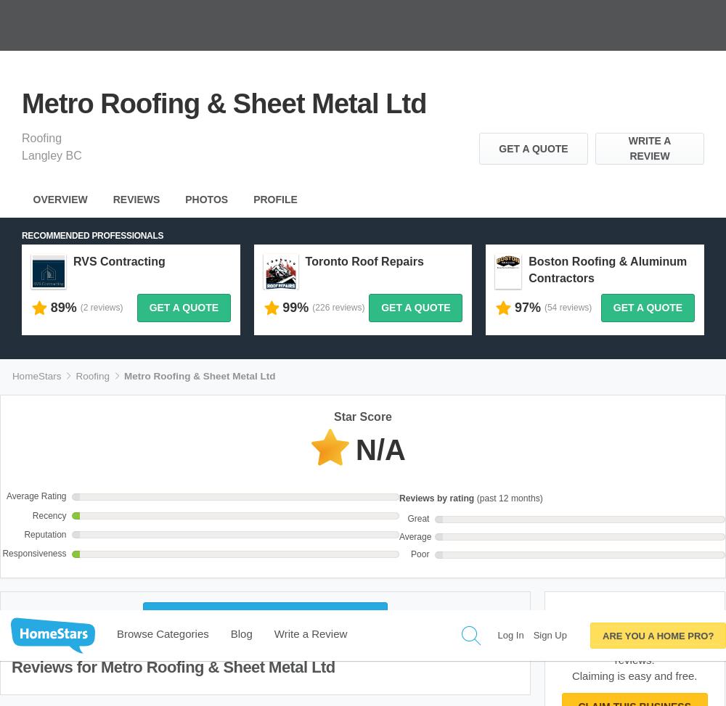  I want to click on '2', so click(608, 194).